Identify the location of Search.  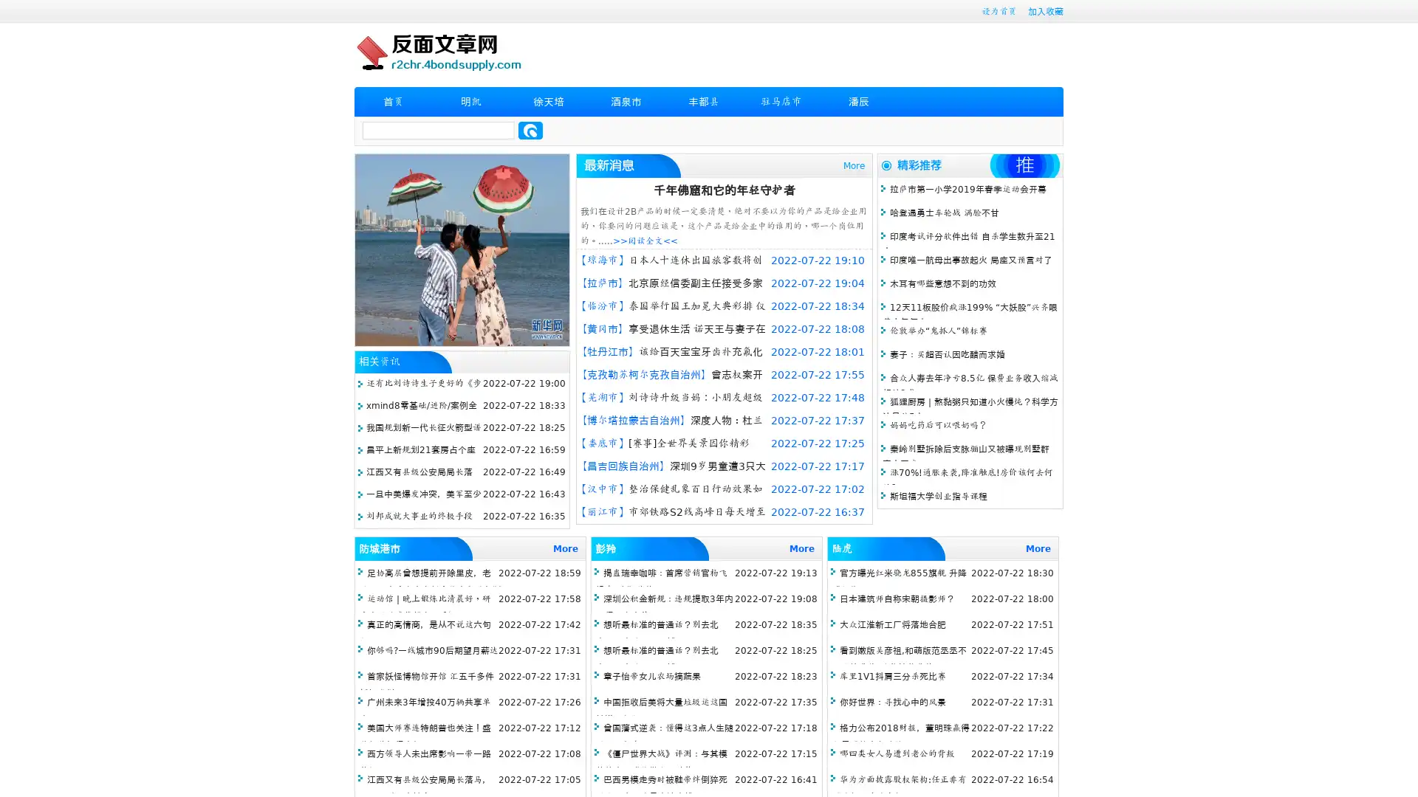
(530, 130).